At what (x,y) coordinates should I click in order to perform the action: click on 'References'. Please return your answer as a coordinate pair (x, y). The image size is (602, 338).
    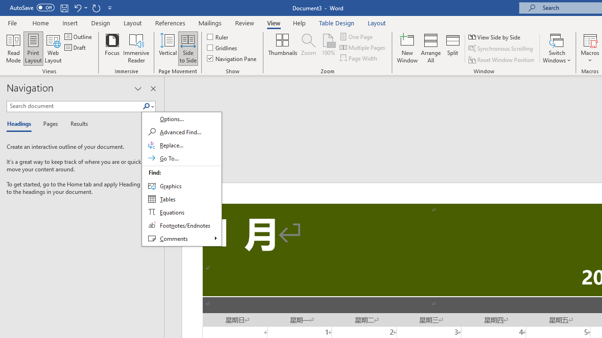
    Looking at the image, I should click on (170, 23).